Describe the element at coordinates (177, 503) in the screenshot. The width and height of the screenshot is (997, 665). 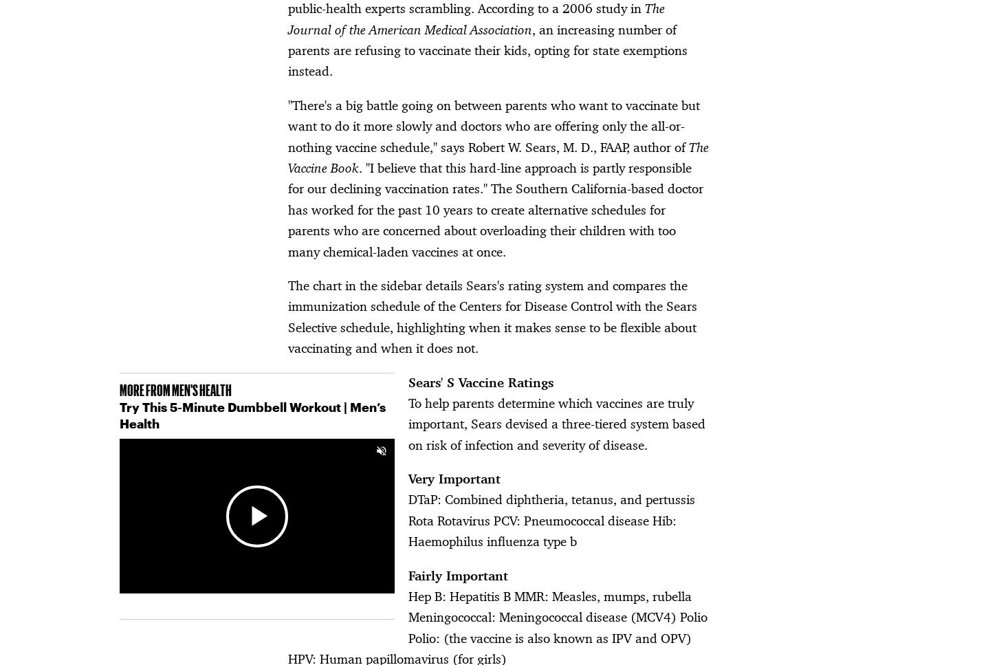
I see `'Other Hearst Subscriptions'` at that location.